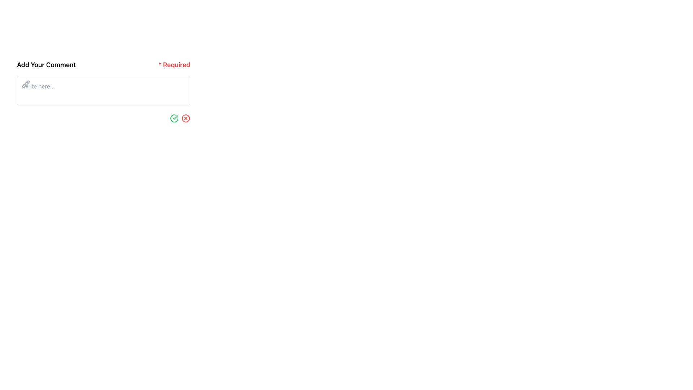 The width and height of the screenshot is (693, 390). I want to click on the circular part of the cross icon, which is styled in red and located to the right of the 'Add Your Comment' text input field, so click(186, 118).